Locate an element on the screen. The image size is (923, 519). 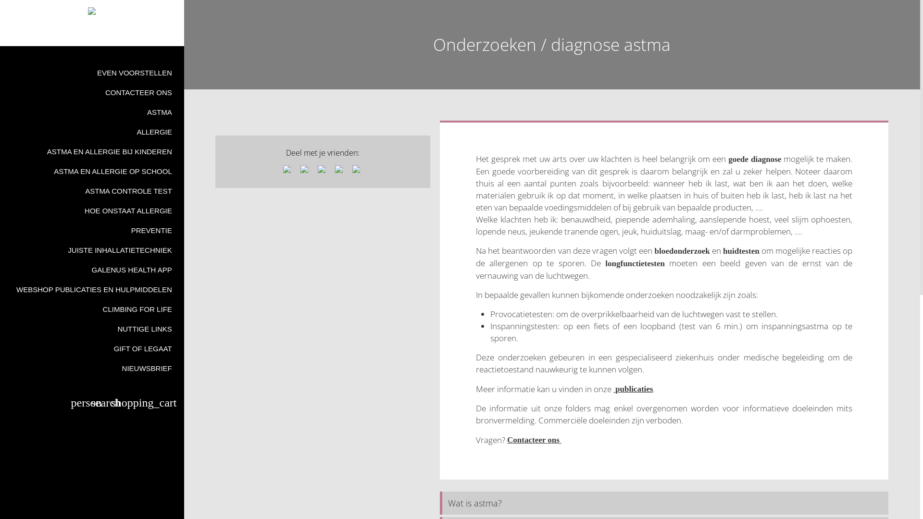
'Wat is astma?' is located at coordinates (663, 502).